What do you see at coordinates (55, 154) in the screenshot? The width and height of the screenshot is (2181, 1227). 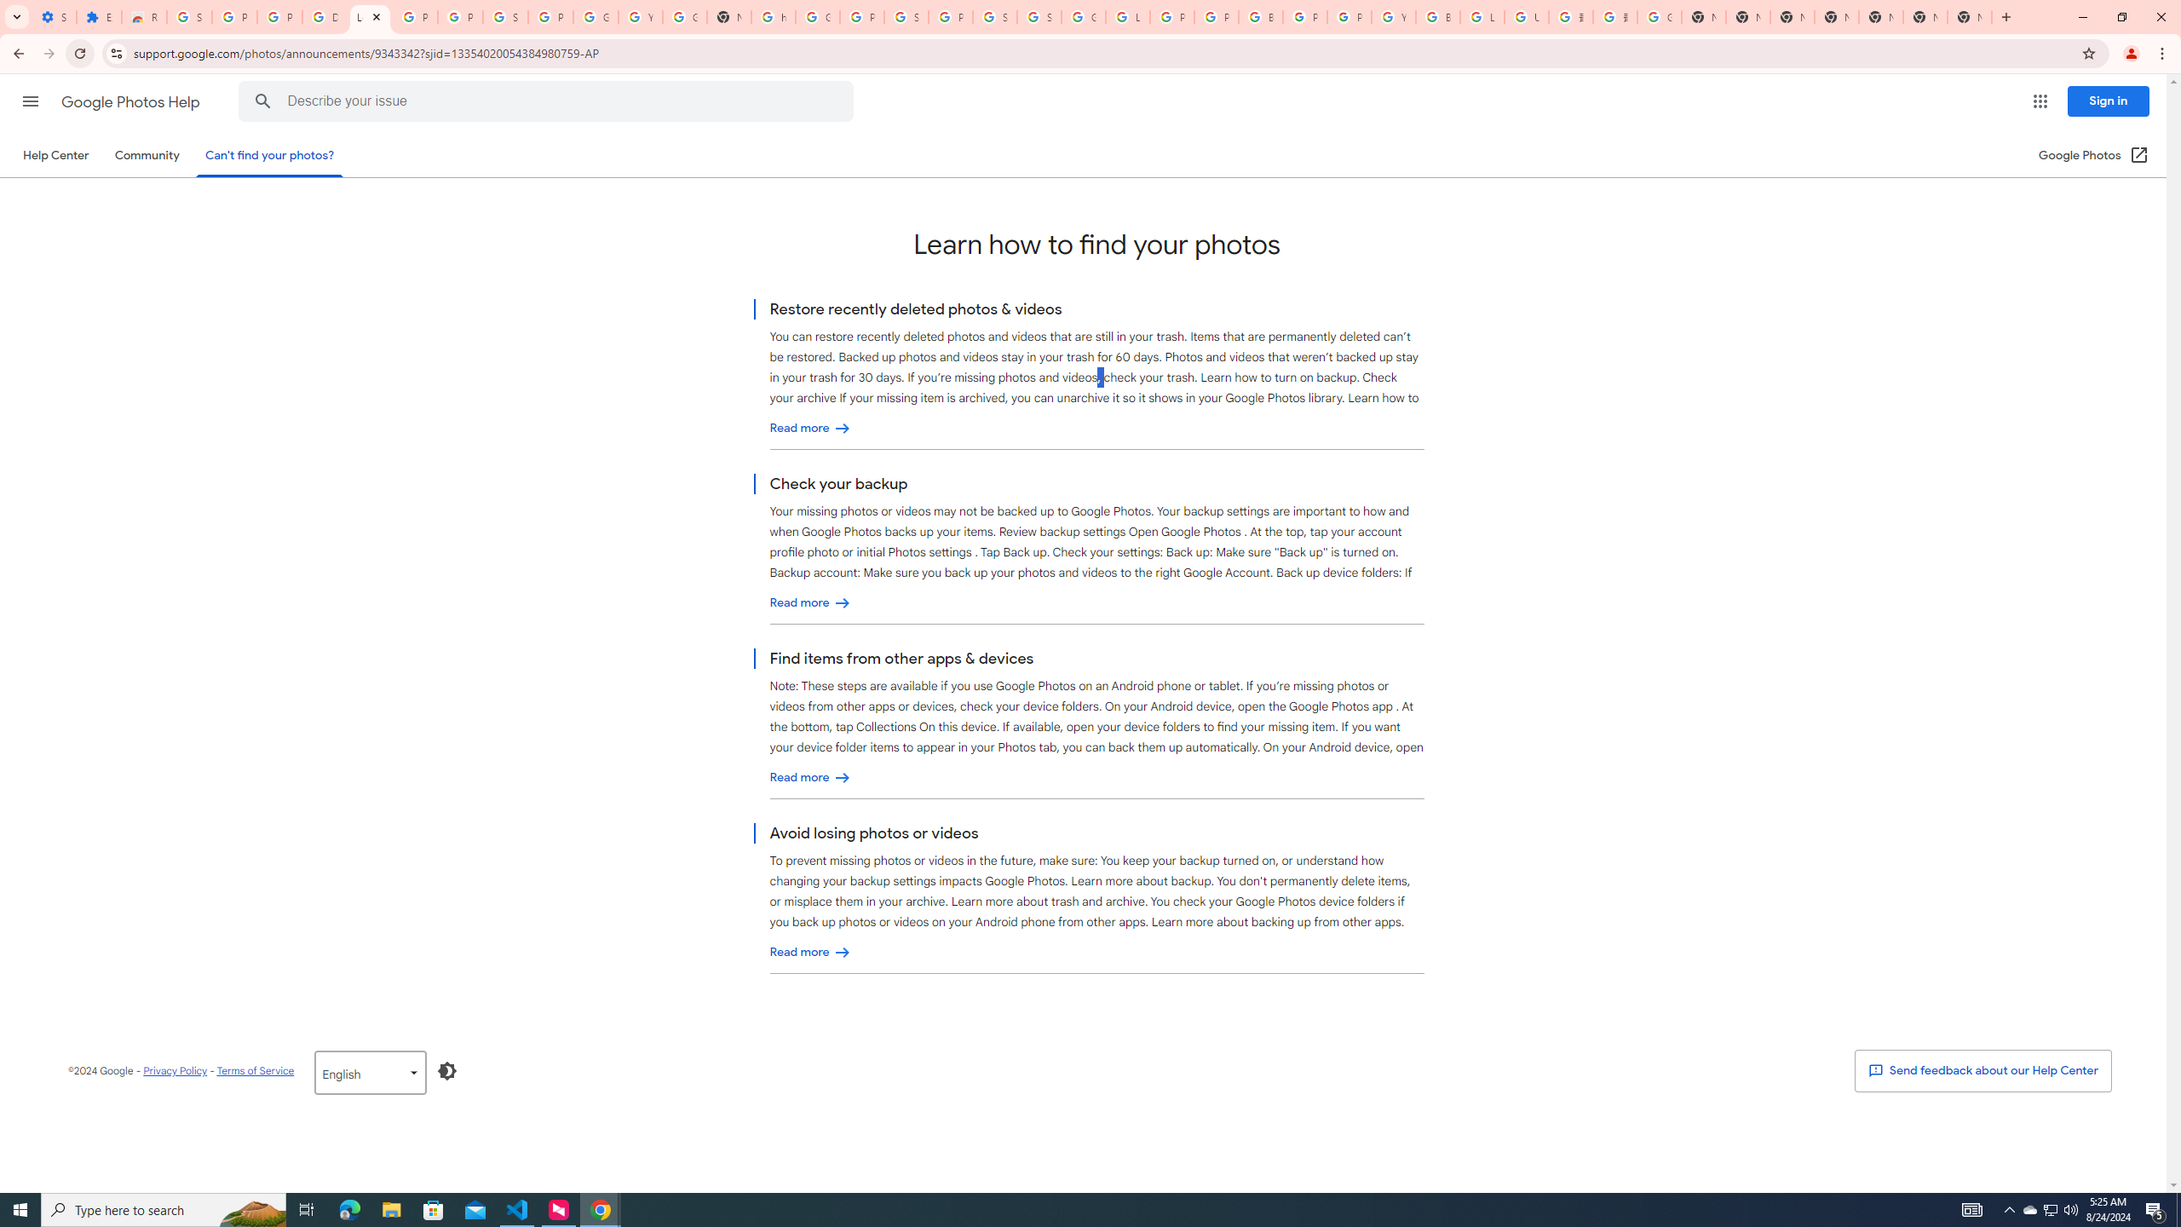 I see `'Help Center'` at bounding box center [55, 154].